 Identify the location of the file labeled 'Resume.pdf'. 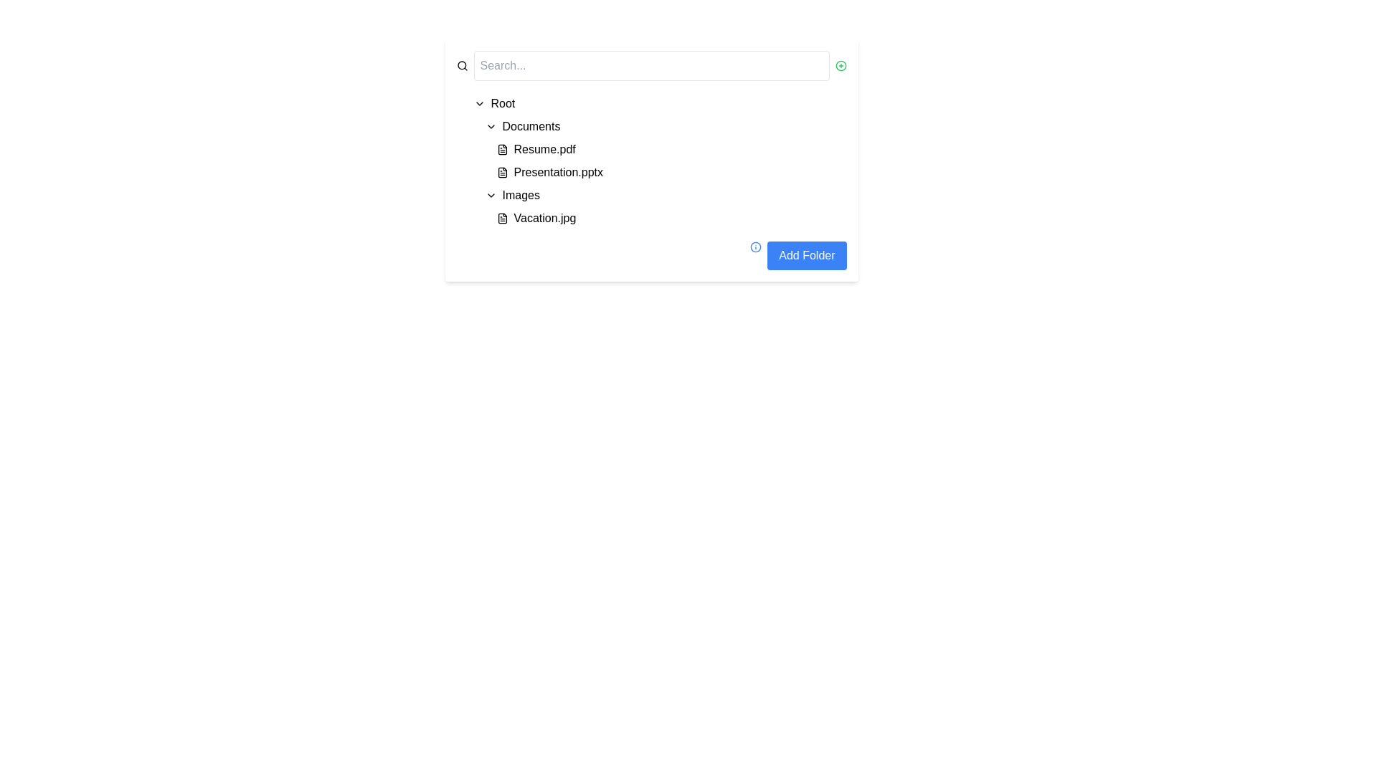
(544, 149).